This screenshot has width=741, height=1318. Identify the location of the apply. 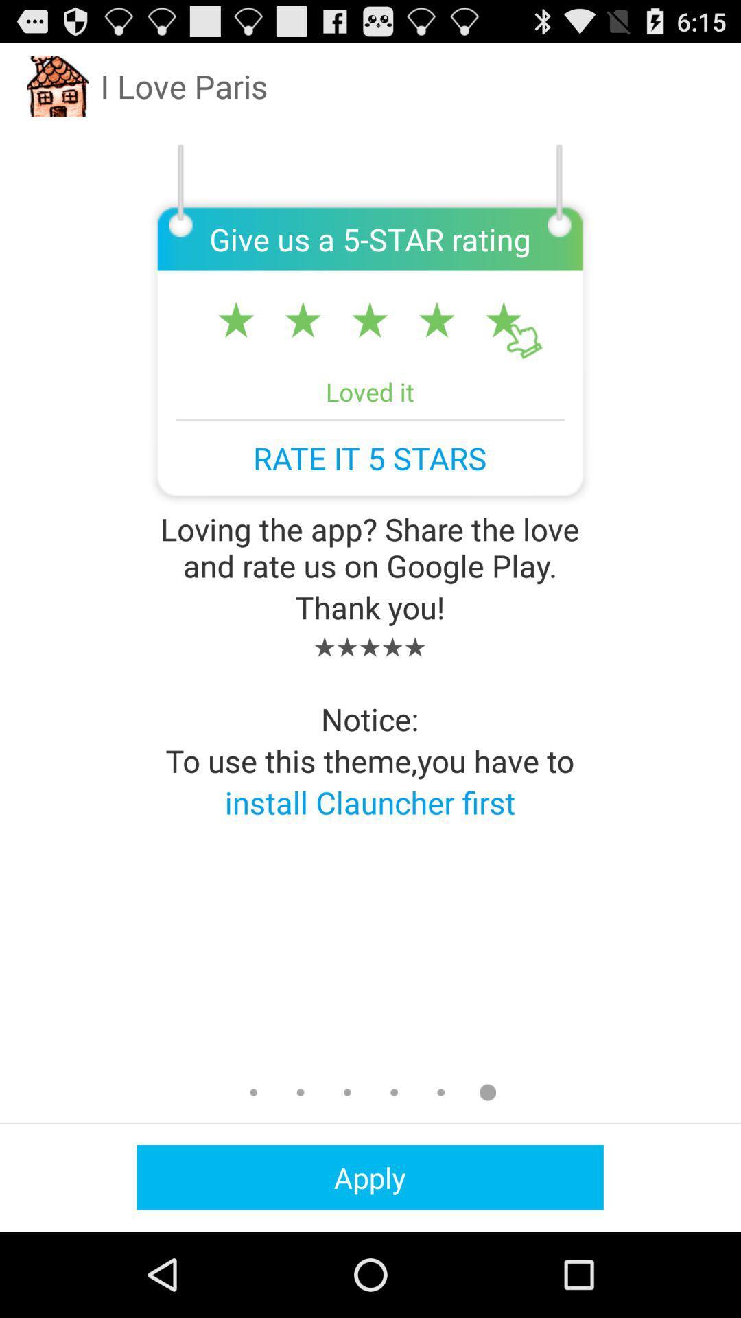
(369, 1177).